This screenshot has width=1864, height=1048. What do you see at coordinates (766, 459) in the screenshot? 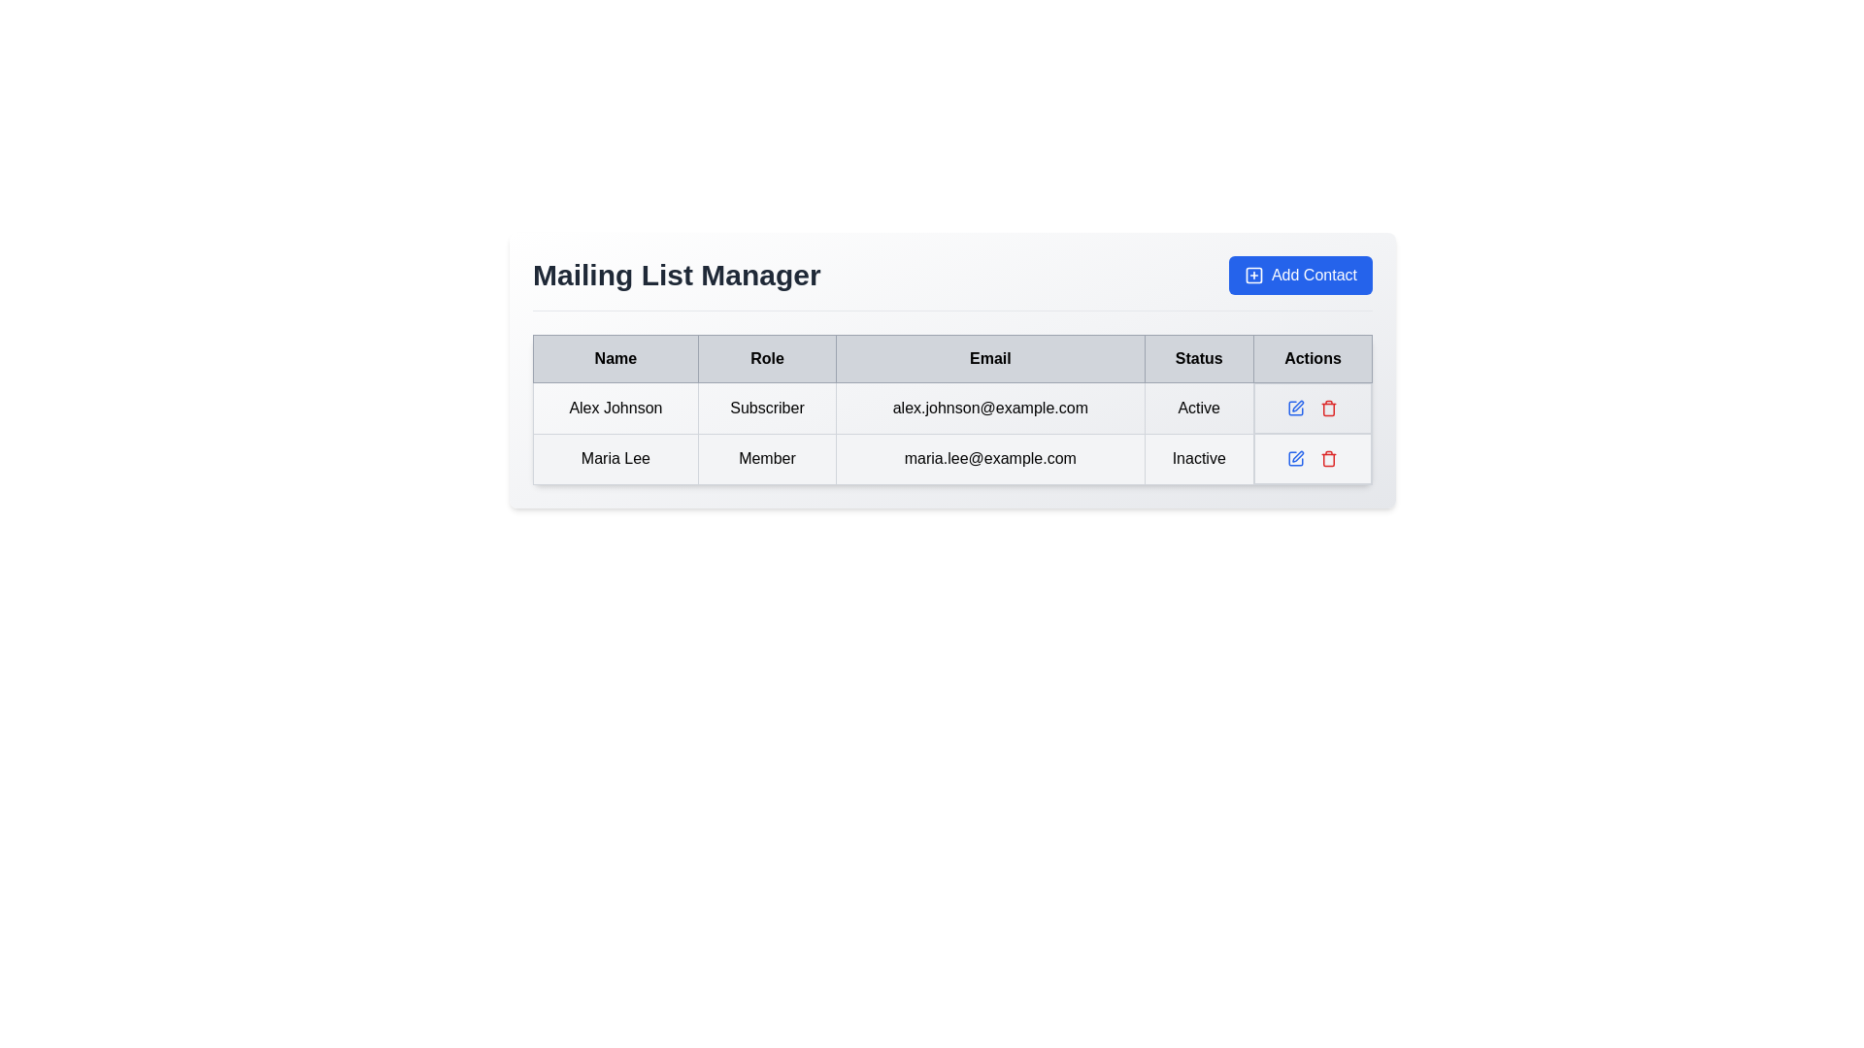
I see `the static text label indicating the role of the user 'Maria Lee' as 'Member' located in the second row of the table under the 'Role' column` at bounding box center [766, 459].